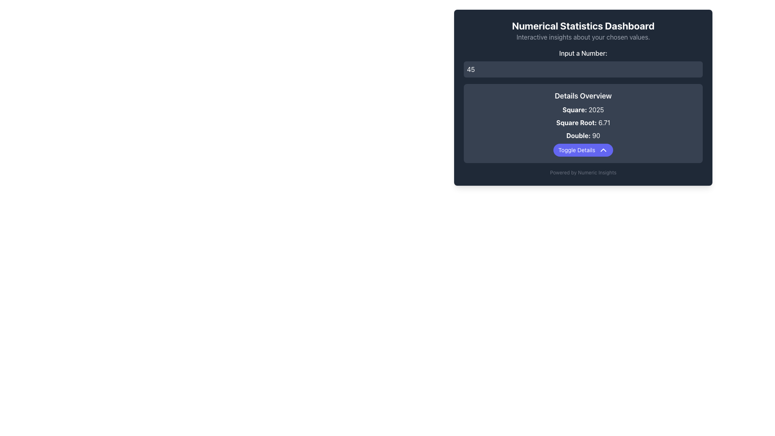 This screenshot has height=436, width=775. I want to click on the text label displaying 'Square Root:' with white text on a dark background, located in the 'Details Overview' section, so click(576, 123).